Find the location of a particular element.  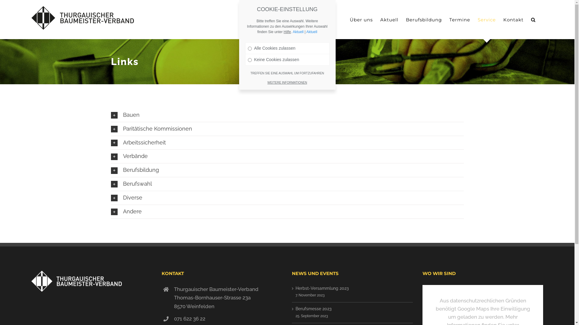

'Berufsbildung' is located at coordinates (423, 19).